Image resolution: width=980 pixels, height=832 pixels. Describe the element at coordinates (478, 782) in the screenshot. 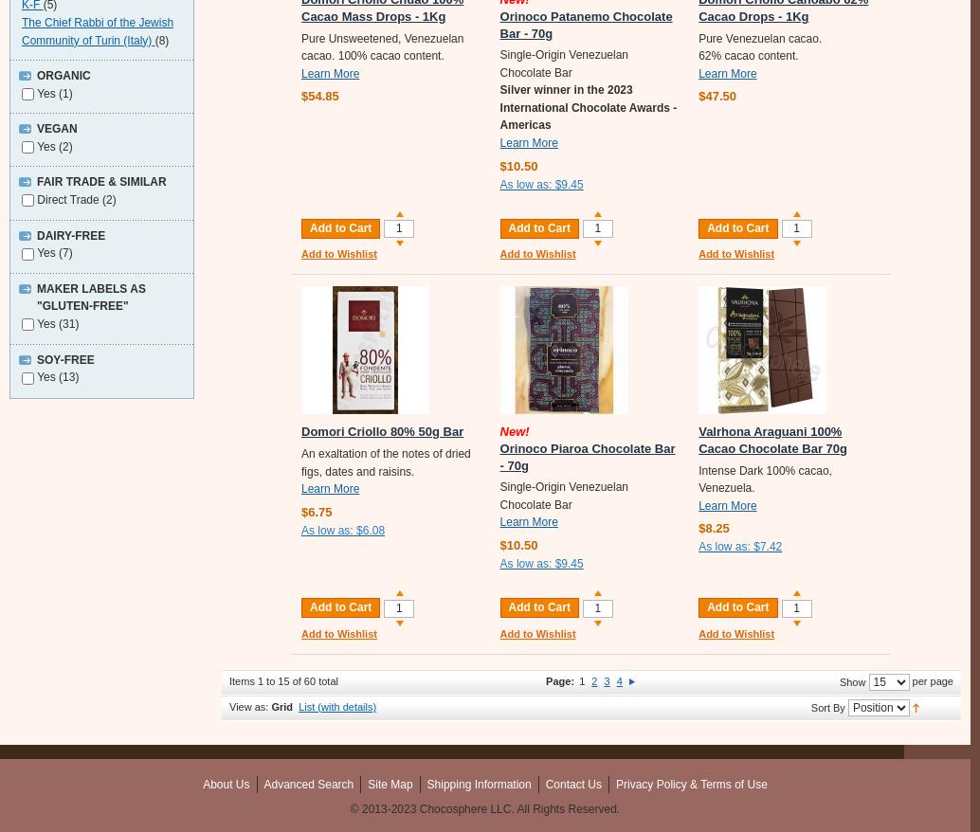

I see `'Shipping Information'` at that location.